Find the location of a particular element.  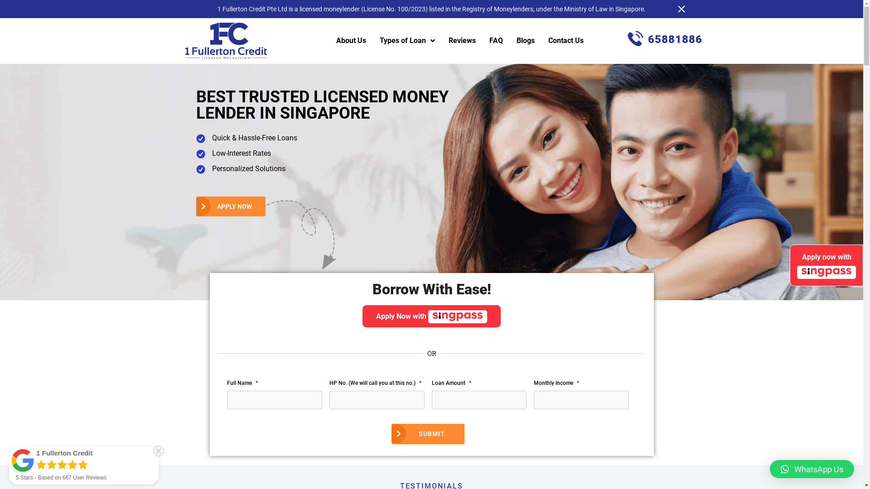

'Submit' is located at coordinates (428, 433).